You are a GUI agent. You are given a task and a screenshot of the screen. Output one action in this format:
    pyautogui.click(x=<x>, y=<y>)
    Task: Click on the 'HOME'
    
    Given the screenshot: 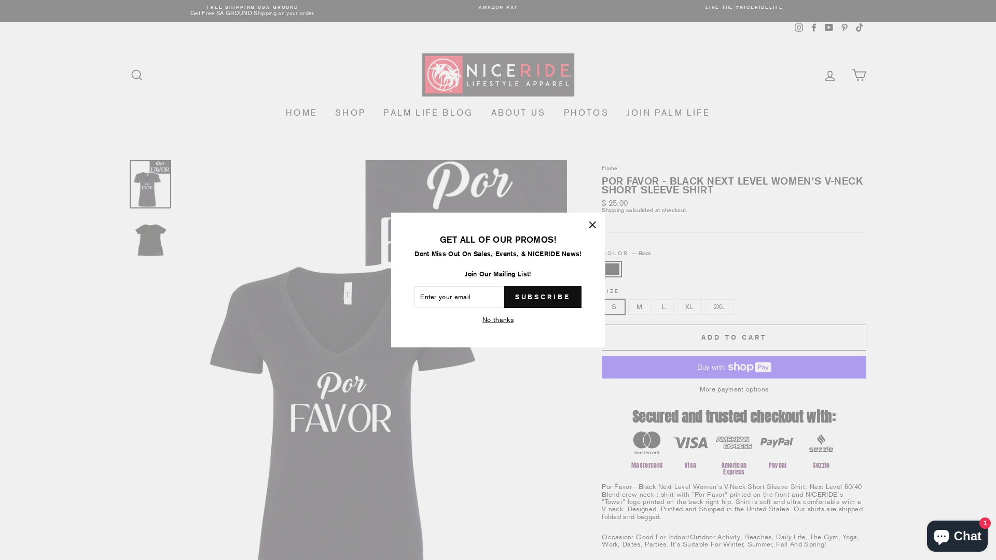 What is the action you would take?
    pyautogui.click(x=301, y=113)
    